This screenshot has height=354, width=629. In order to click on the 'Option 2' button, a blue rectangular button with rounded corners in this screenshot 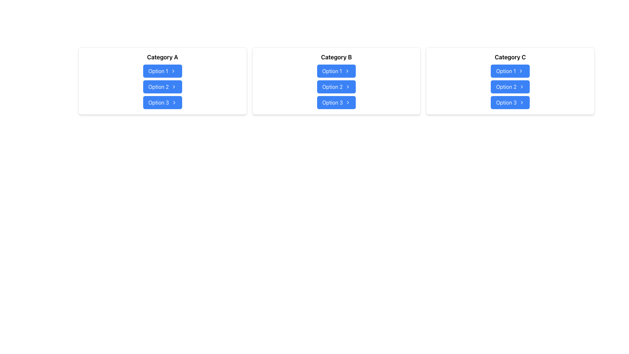, I will do `click(162, 87)`.